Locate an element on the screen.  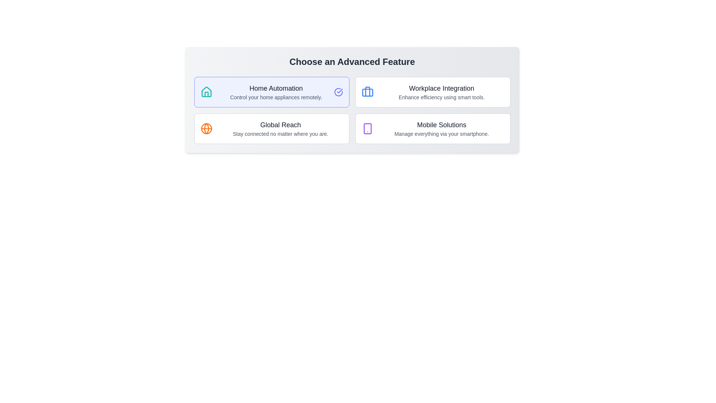
the 'Mobile Solutions' button located at the bottom-right corner of the grid layout is located at coordinates (433, 128).